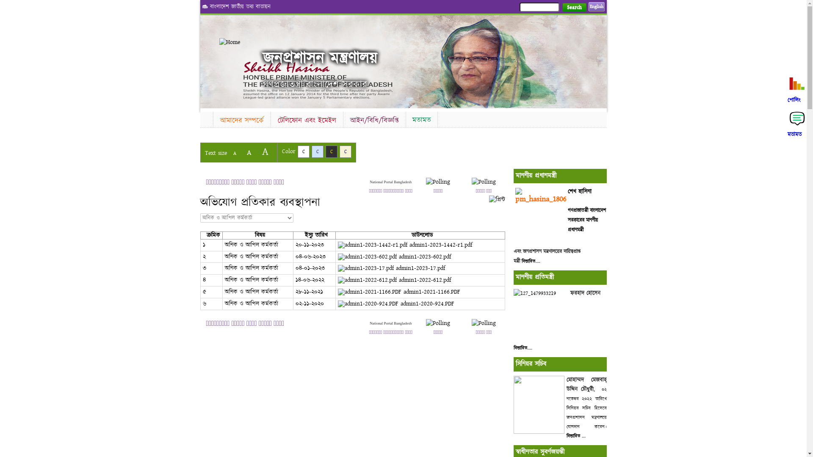 The image size is (813, 457). I want to click on 'C', so click(303, 151).